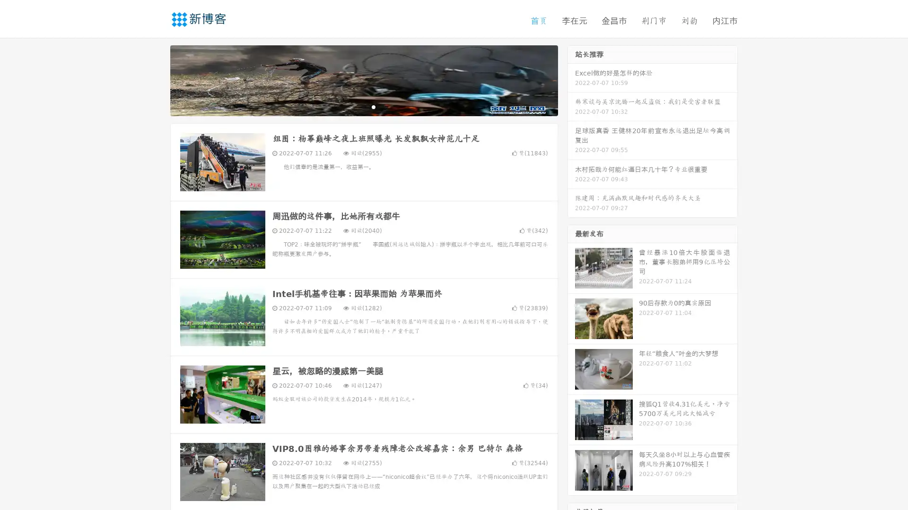 The width and height of the screenshot is (908, 510). What do you see at coordinates (156, 79) in the screenshot?
I see `Previous slide` at bounding box center [156, 79].